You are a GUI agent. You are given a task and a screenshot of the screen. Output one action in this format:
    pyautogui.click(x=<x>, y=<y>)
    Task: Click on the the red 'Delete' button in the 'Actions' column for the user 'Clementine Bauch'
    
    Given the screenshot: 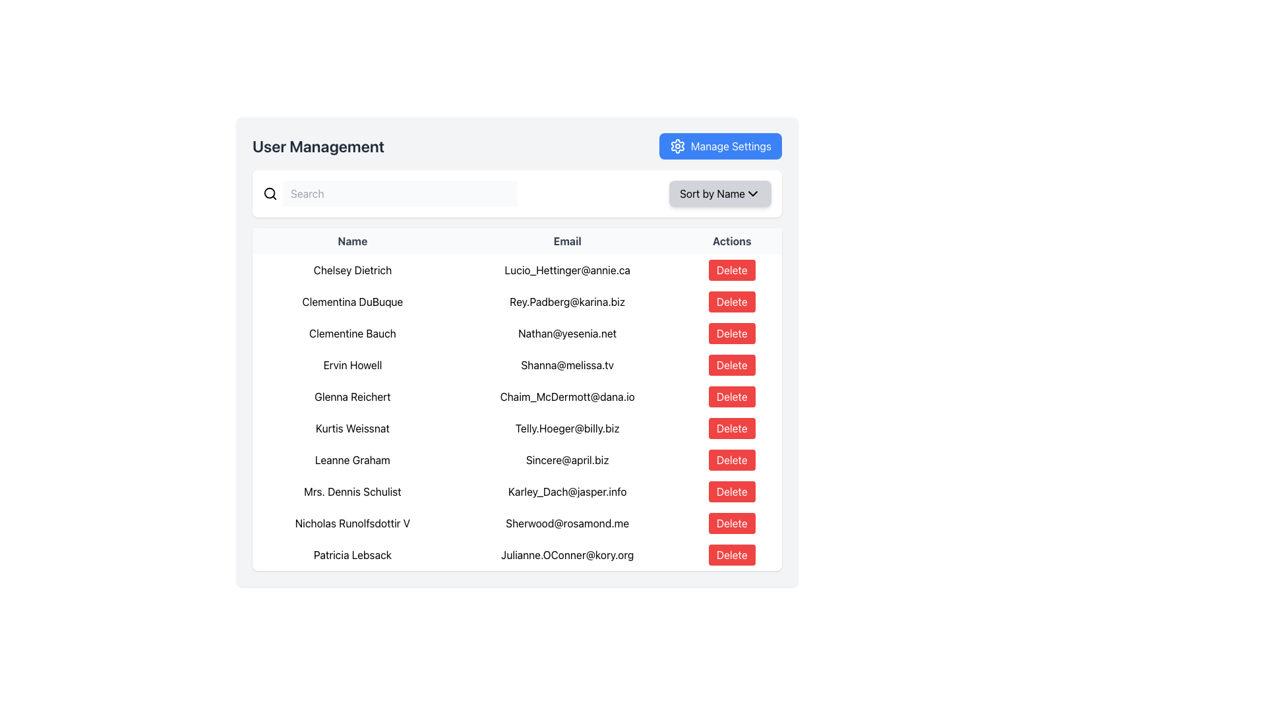 What is the action you would take?
    pyautogui.click(x=731, y=332)
    